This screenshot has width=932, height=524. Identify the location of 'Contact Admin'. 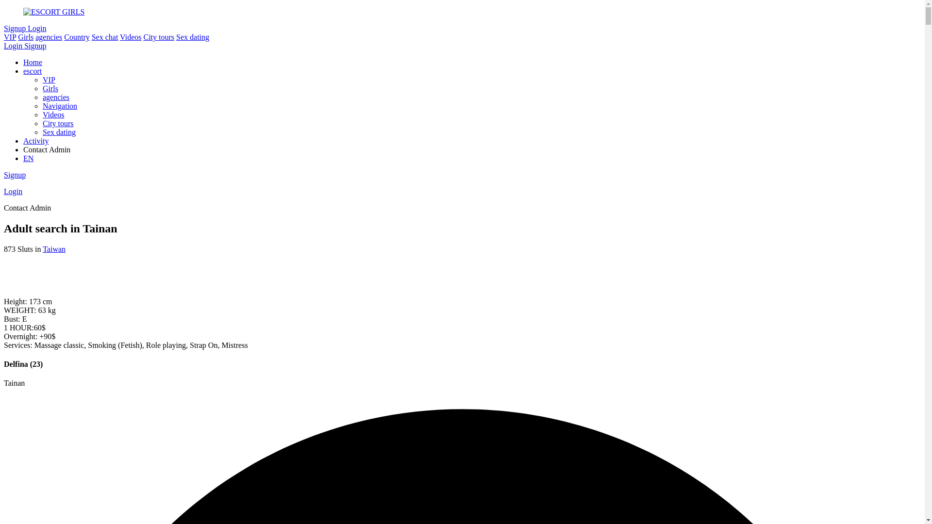
(472, 149).